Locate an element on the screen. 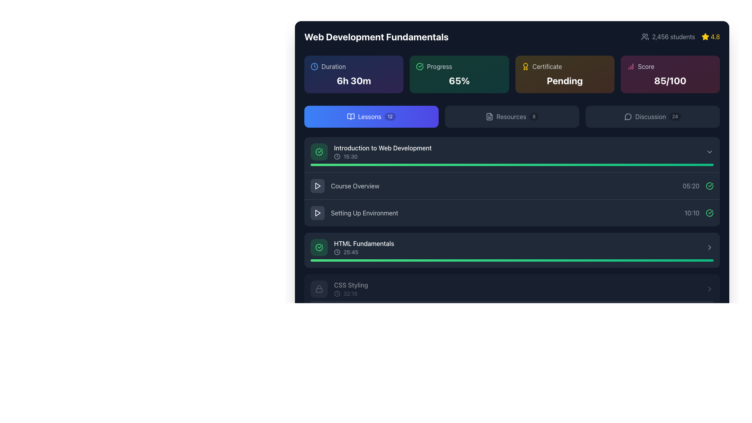 This screenshot has height=423, width=752. the button with an icon and badge text located at the top-right portion of the module, which is the rightmost button in a row of three buttons under the course overview section is located at coordinates (653, 116).